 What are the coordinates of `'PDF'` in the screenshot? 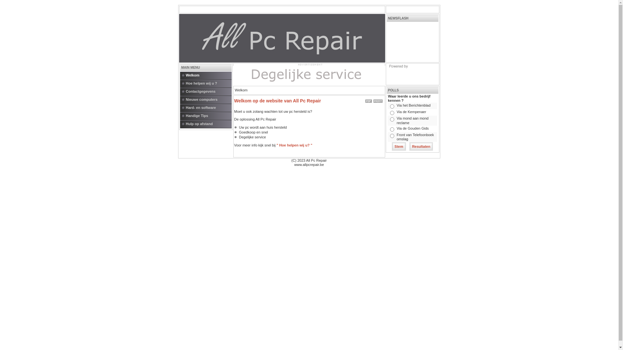 It's located at (369, 100).